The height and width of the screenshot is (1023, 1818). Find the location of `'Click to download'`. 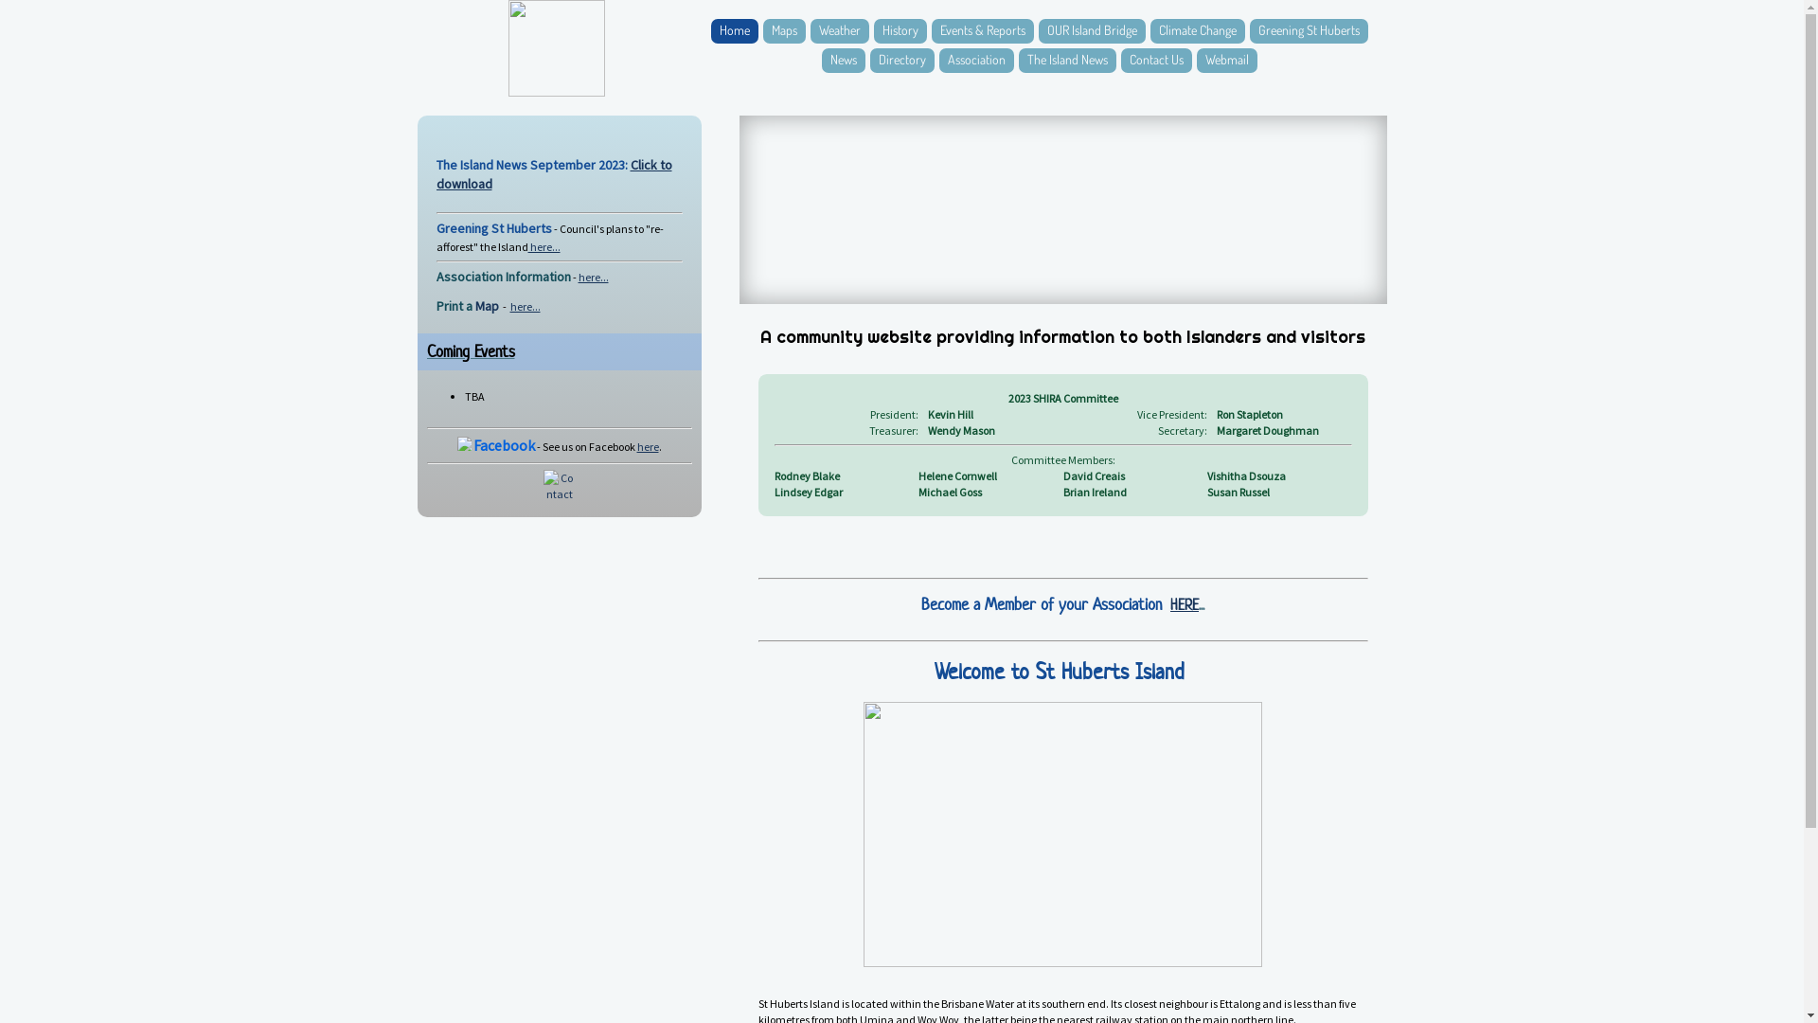

'Click to download' is located at coordinates (435, 174).